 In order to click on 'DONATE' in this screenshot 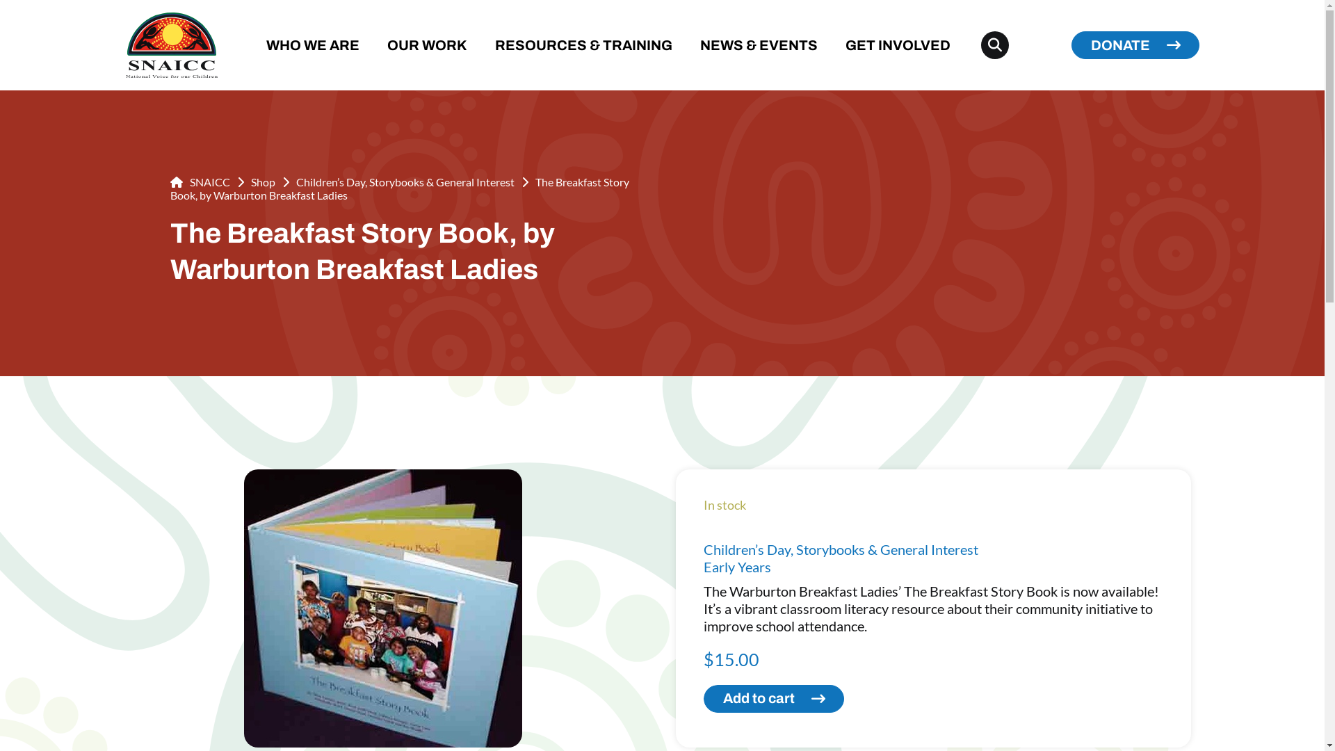, I will do `click(1070, 45)`.